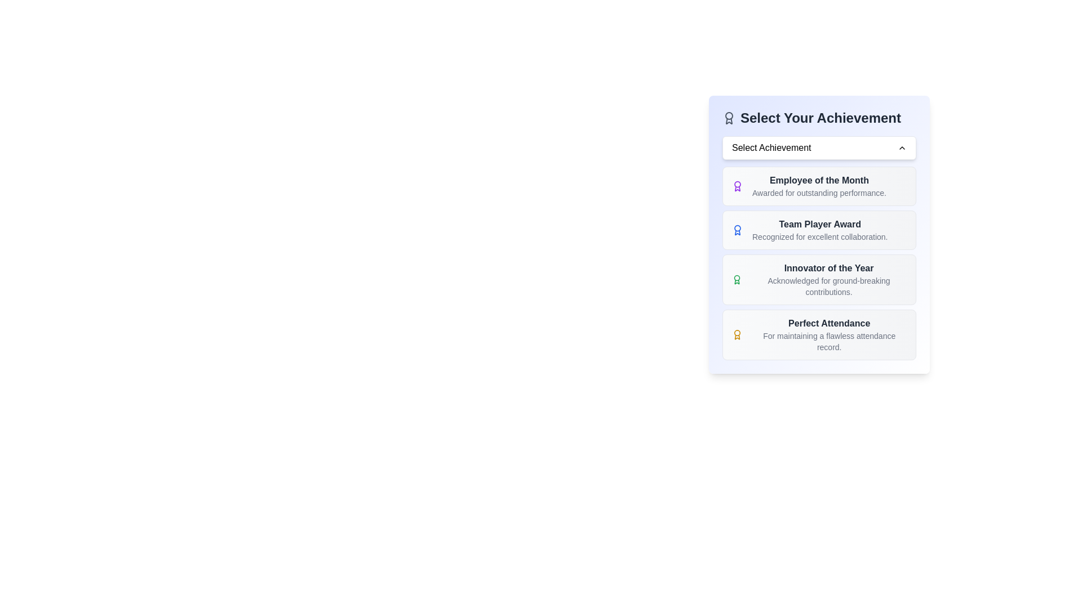 This screenshot has height=608, width=1082. I want to click on the award icon located in the header section of the achievement selection interface, so click(729, 118).